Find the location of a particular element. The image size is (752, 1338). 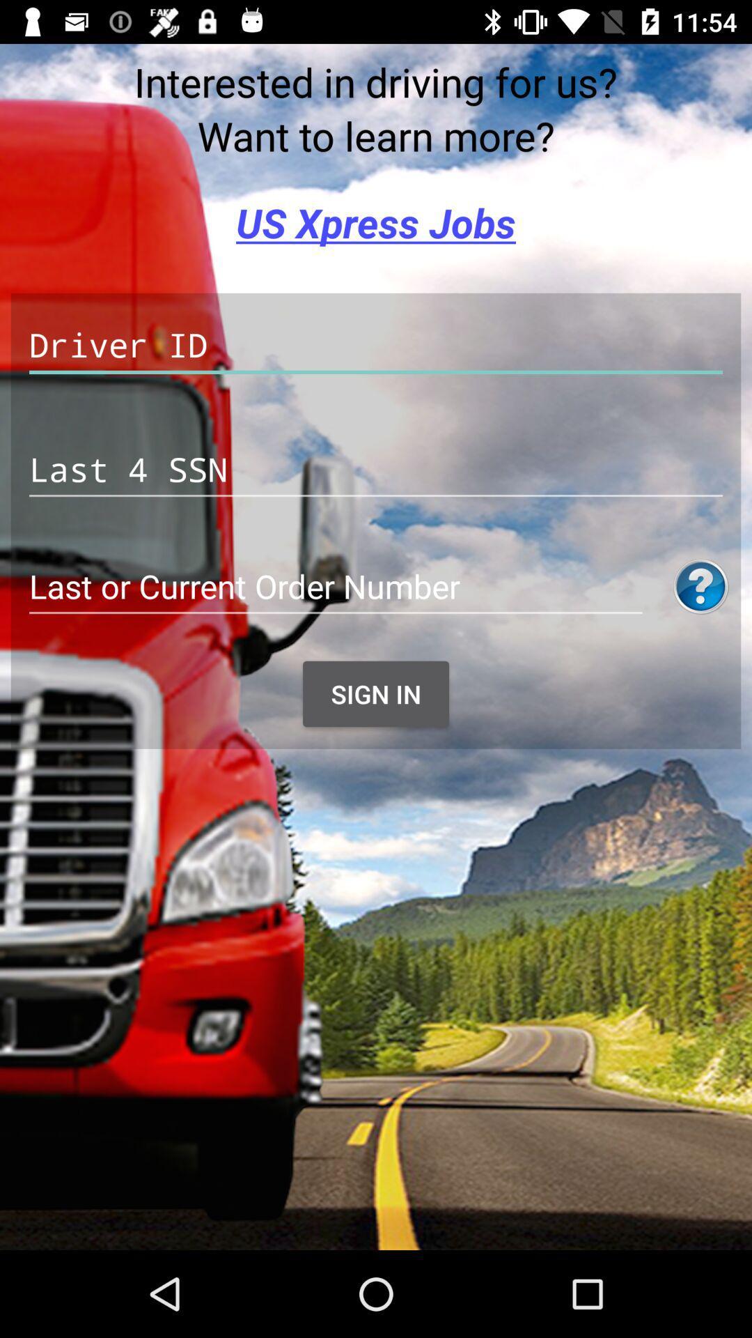

type ssn last four digit is located at coordinates (376, 470).